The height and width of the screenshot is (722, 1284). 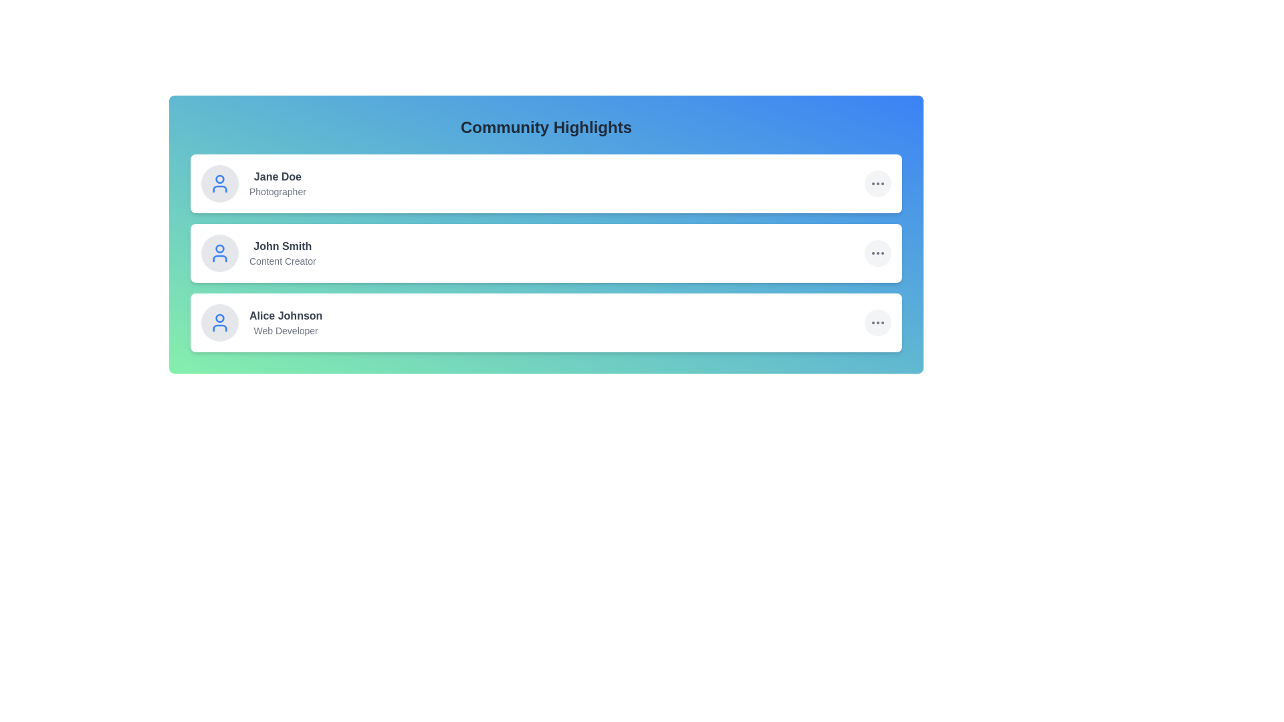 What do you see at coordinates (878, 253) in the screenshot?
I see `the Ellipsis menu icon located on the right side of the second list item` at bounding box center [878, 253].